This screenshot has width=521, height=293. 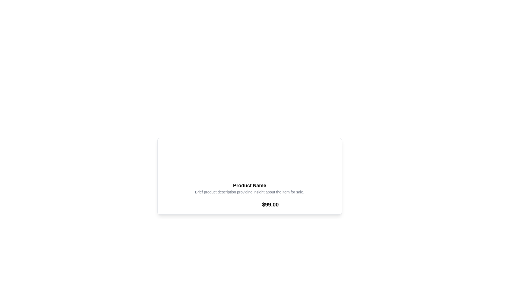 What do you see at coordinates (249, 185) in the screenshot?
I see `the text label that identifies the name of the product, which is located within the product card above the product description` at bounding box center [249, 185].